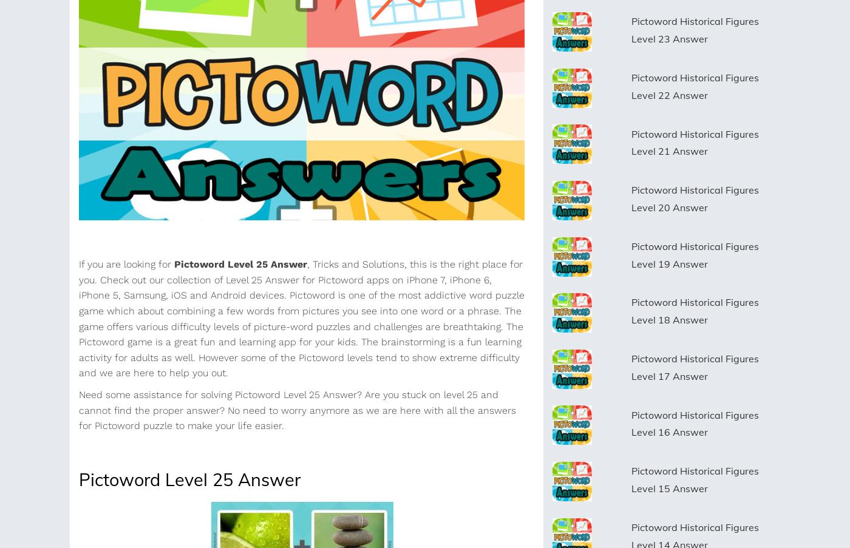 The image size is (850, 548). Describe the element at coordinates (694, 86) in the screenshot. I see `'Pictoword Historical Figures Level 22 Answer'` at that location.